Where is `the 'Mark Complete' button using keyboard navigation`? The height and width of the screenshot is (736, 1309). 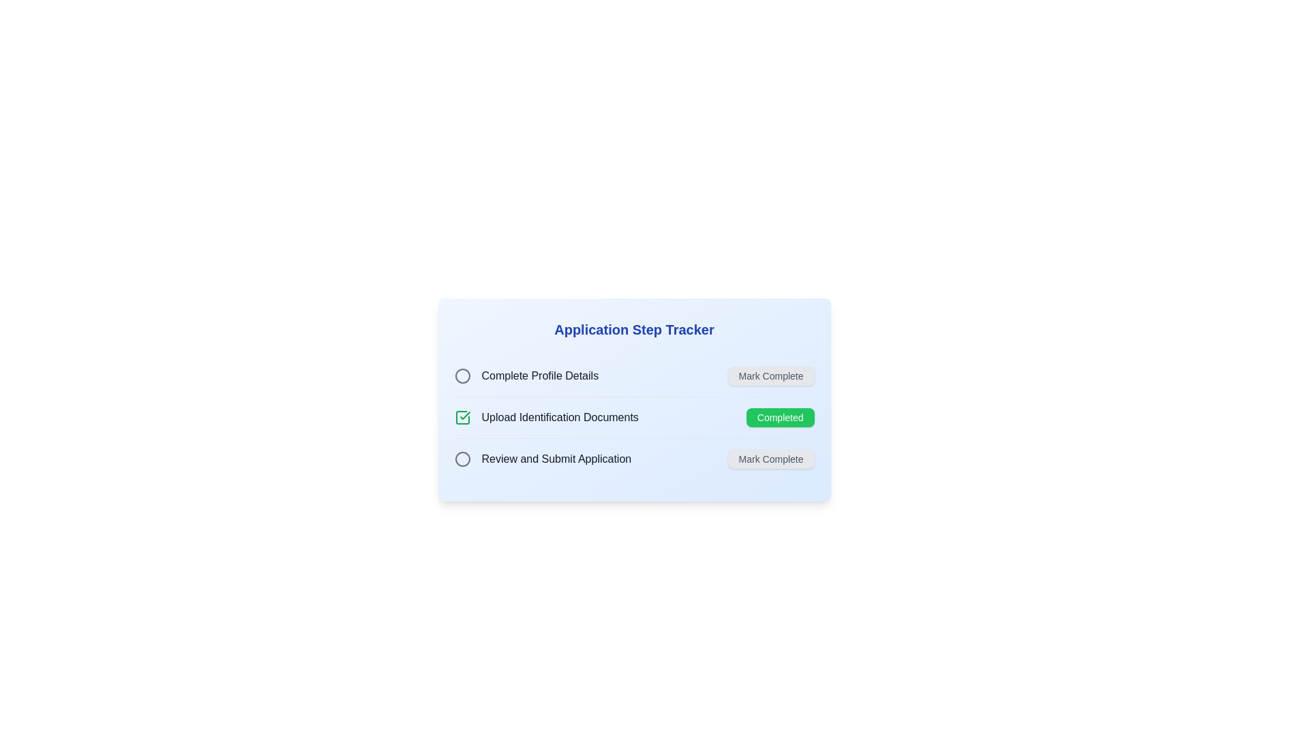
the 'Mark Complete' button using keyboard navigation is located at coordinates (771, 375).